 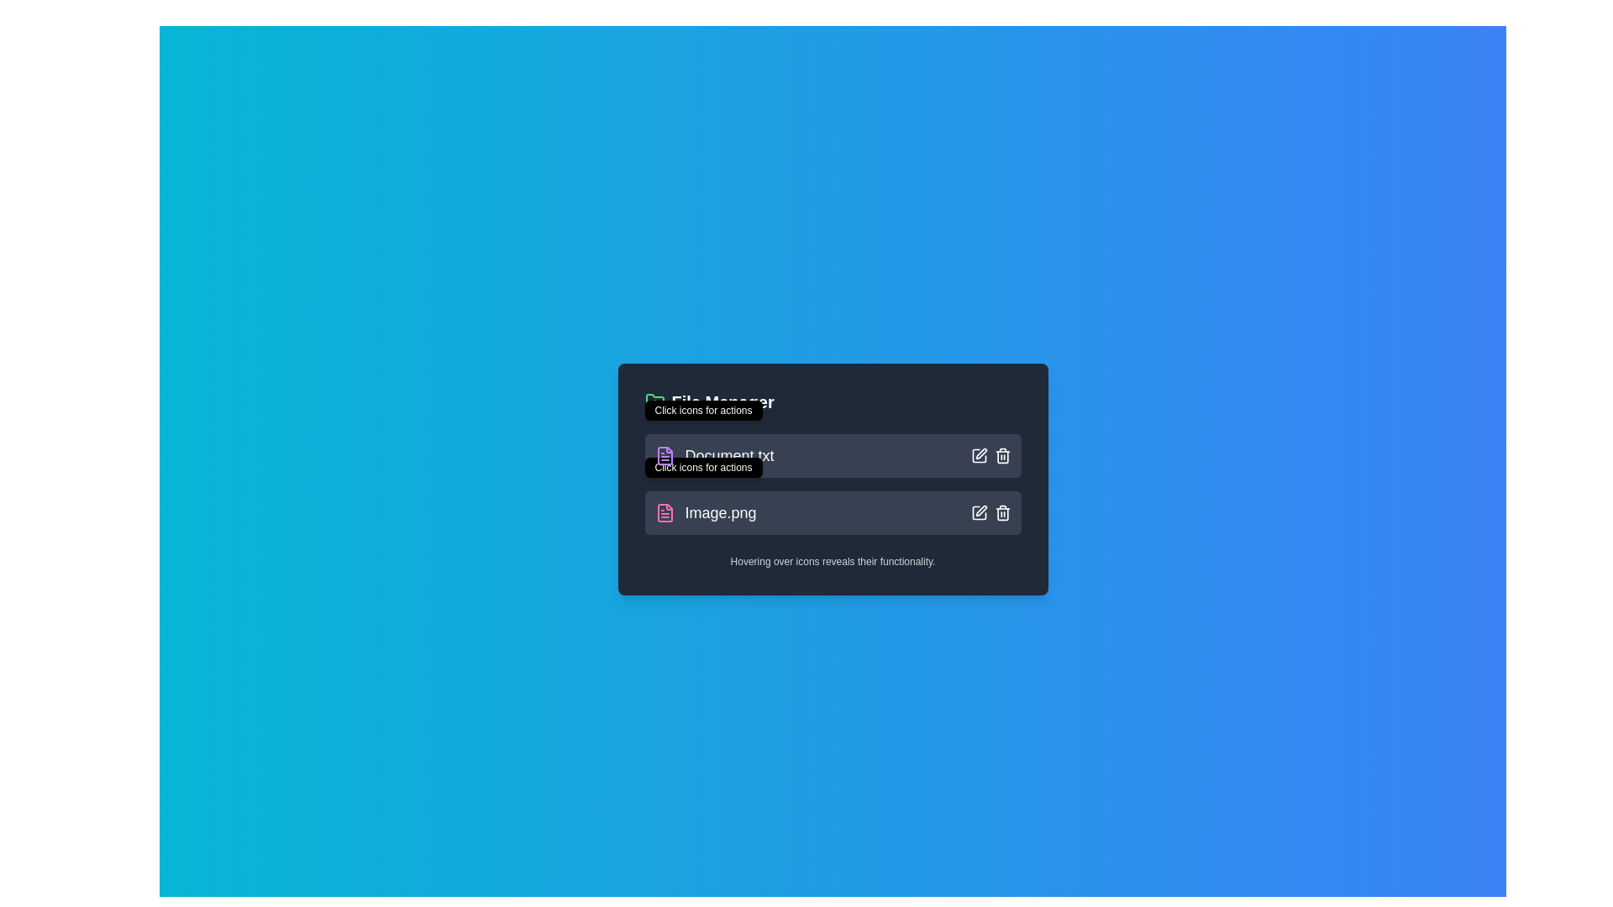 I want to click on the 'File Manager' panel, so click(x=833, y=479).